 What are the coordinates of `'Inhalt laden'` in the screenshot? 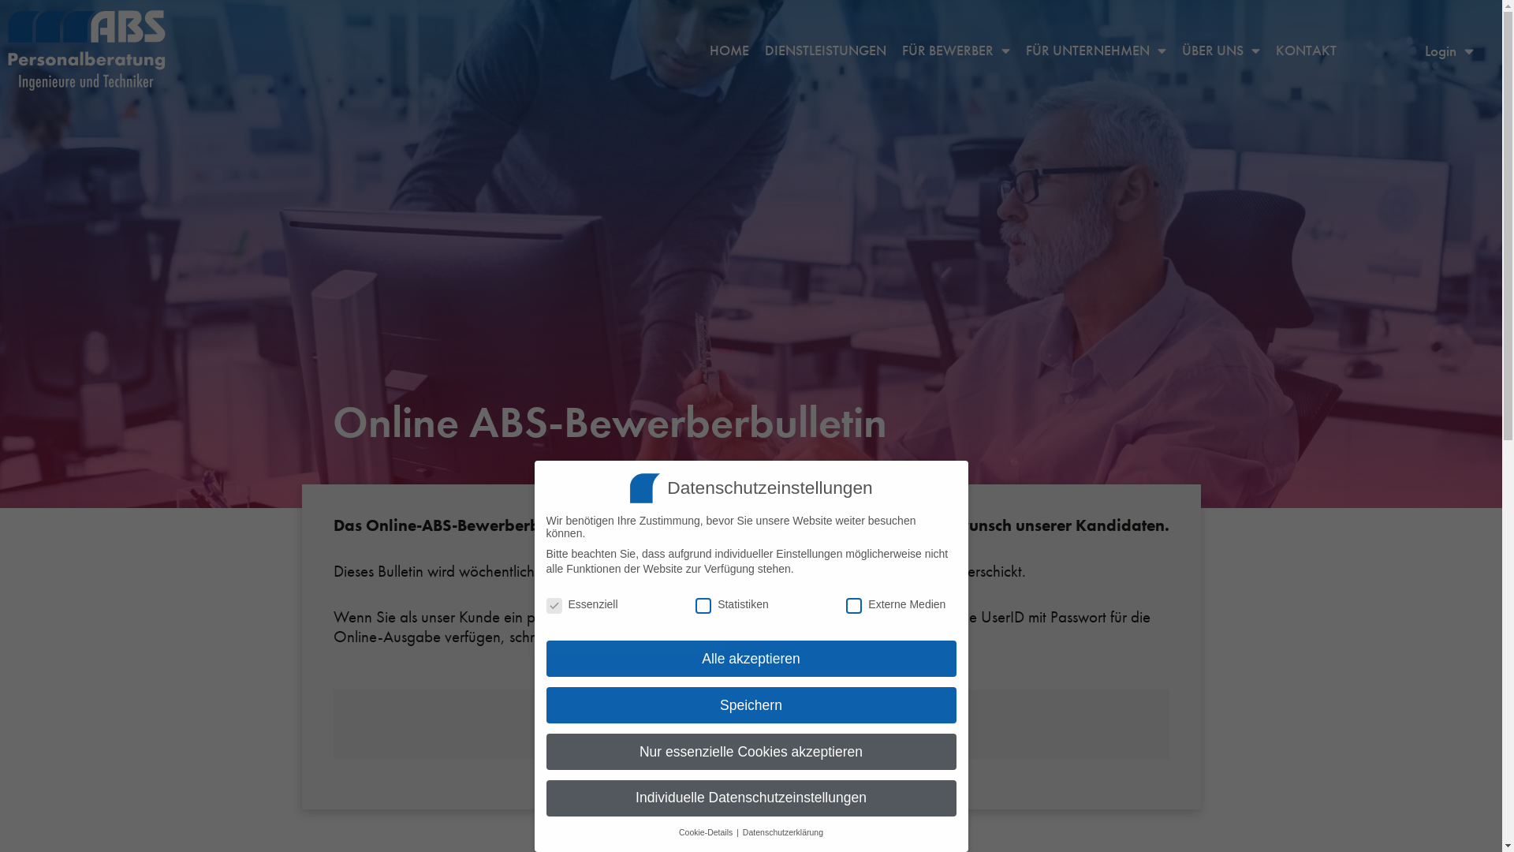 It's located at (749, 736).